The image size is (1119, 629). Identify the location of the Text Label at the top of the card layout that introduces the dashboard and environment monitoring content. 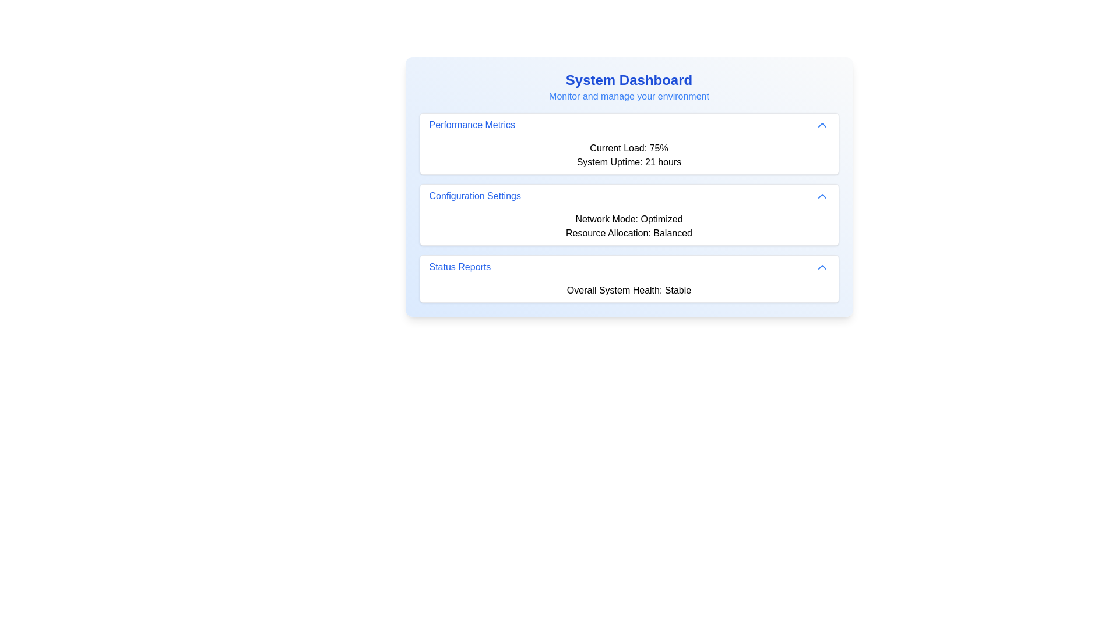
(628, 87).